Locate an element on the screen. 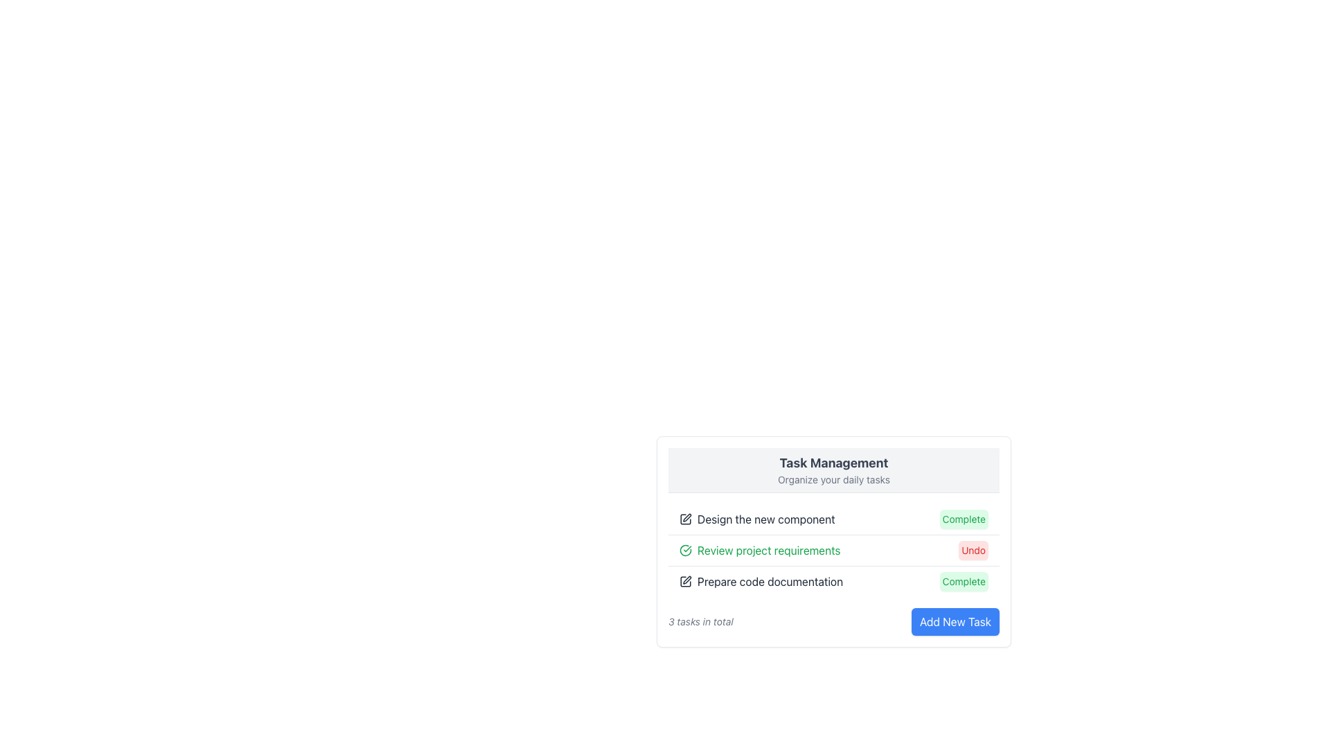 This screenshot has height=748, width=1330. the pen icon associated with the task 'Prepare code documentation' is located at coordinates (685, 582).